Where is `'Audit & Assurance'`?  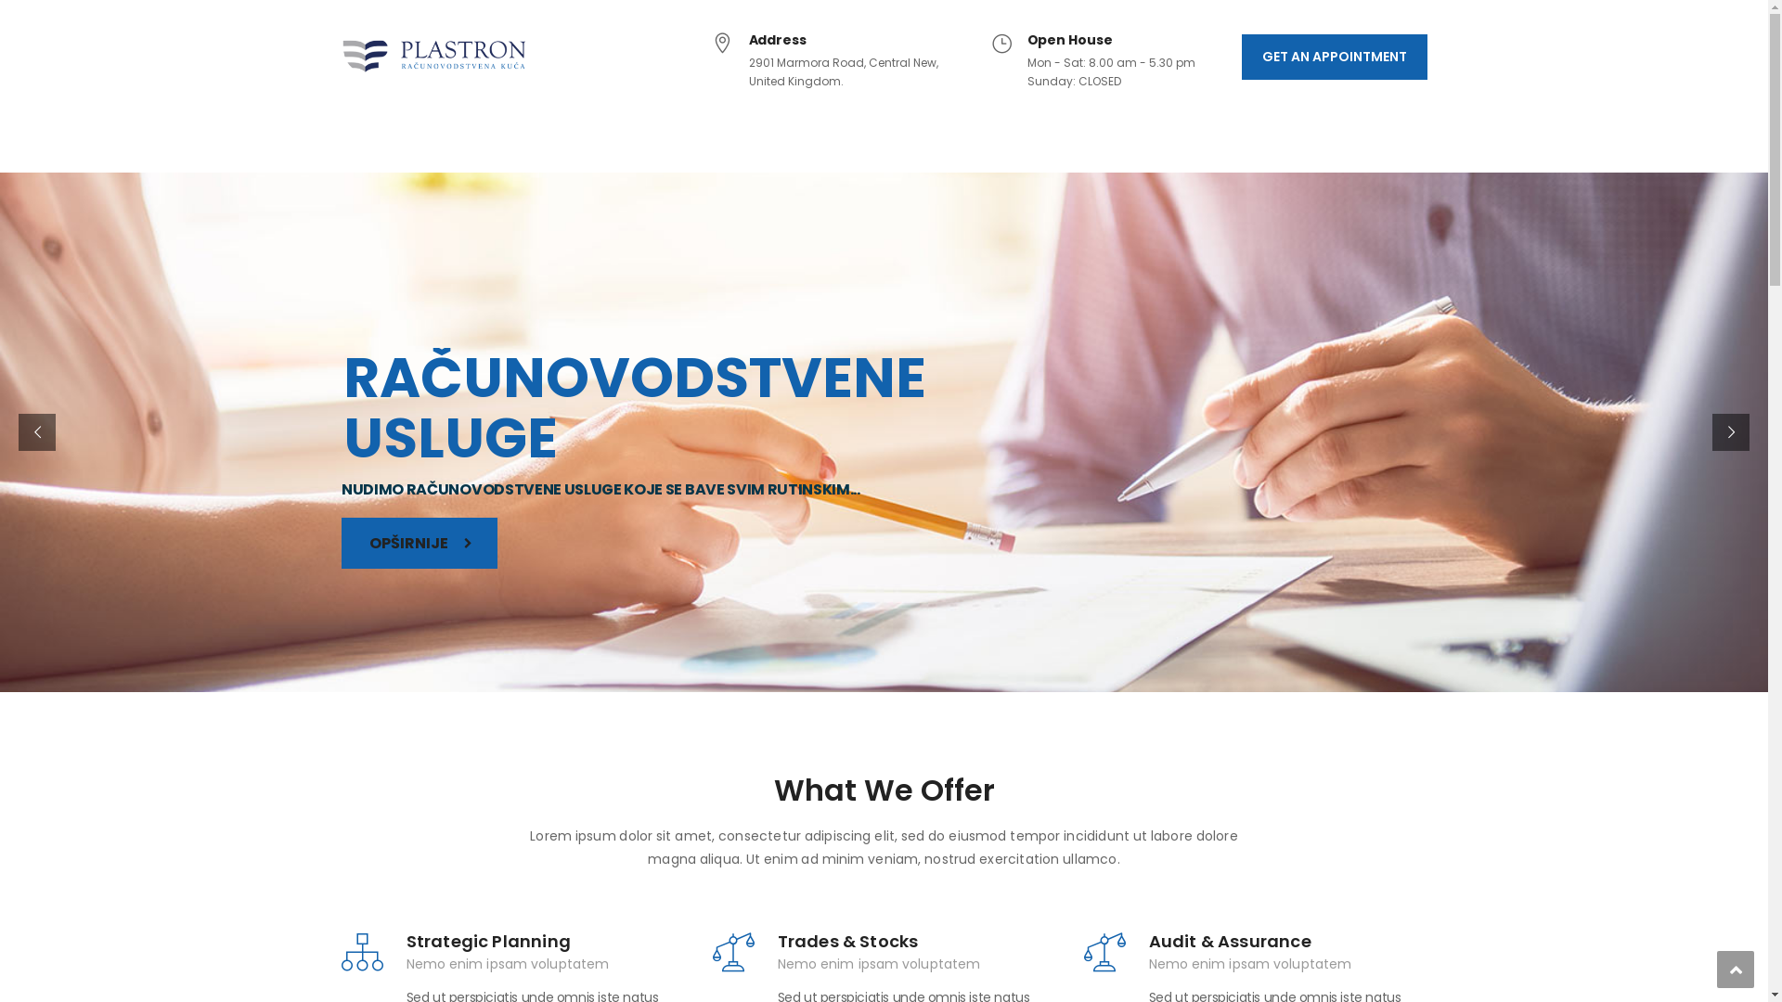 'Audit & Assurance' is located at coordinates (1148, 941).